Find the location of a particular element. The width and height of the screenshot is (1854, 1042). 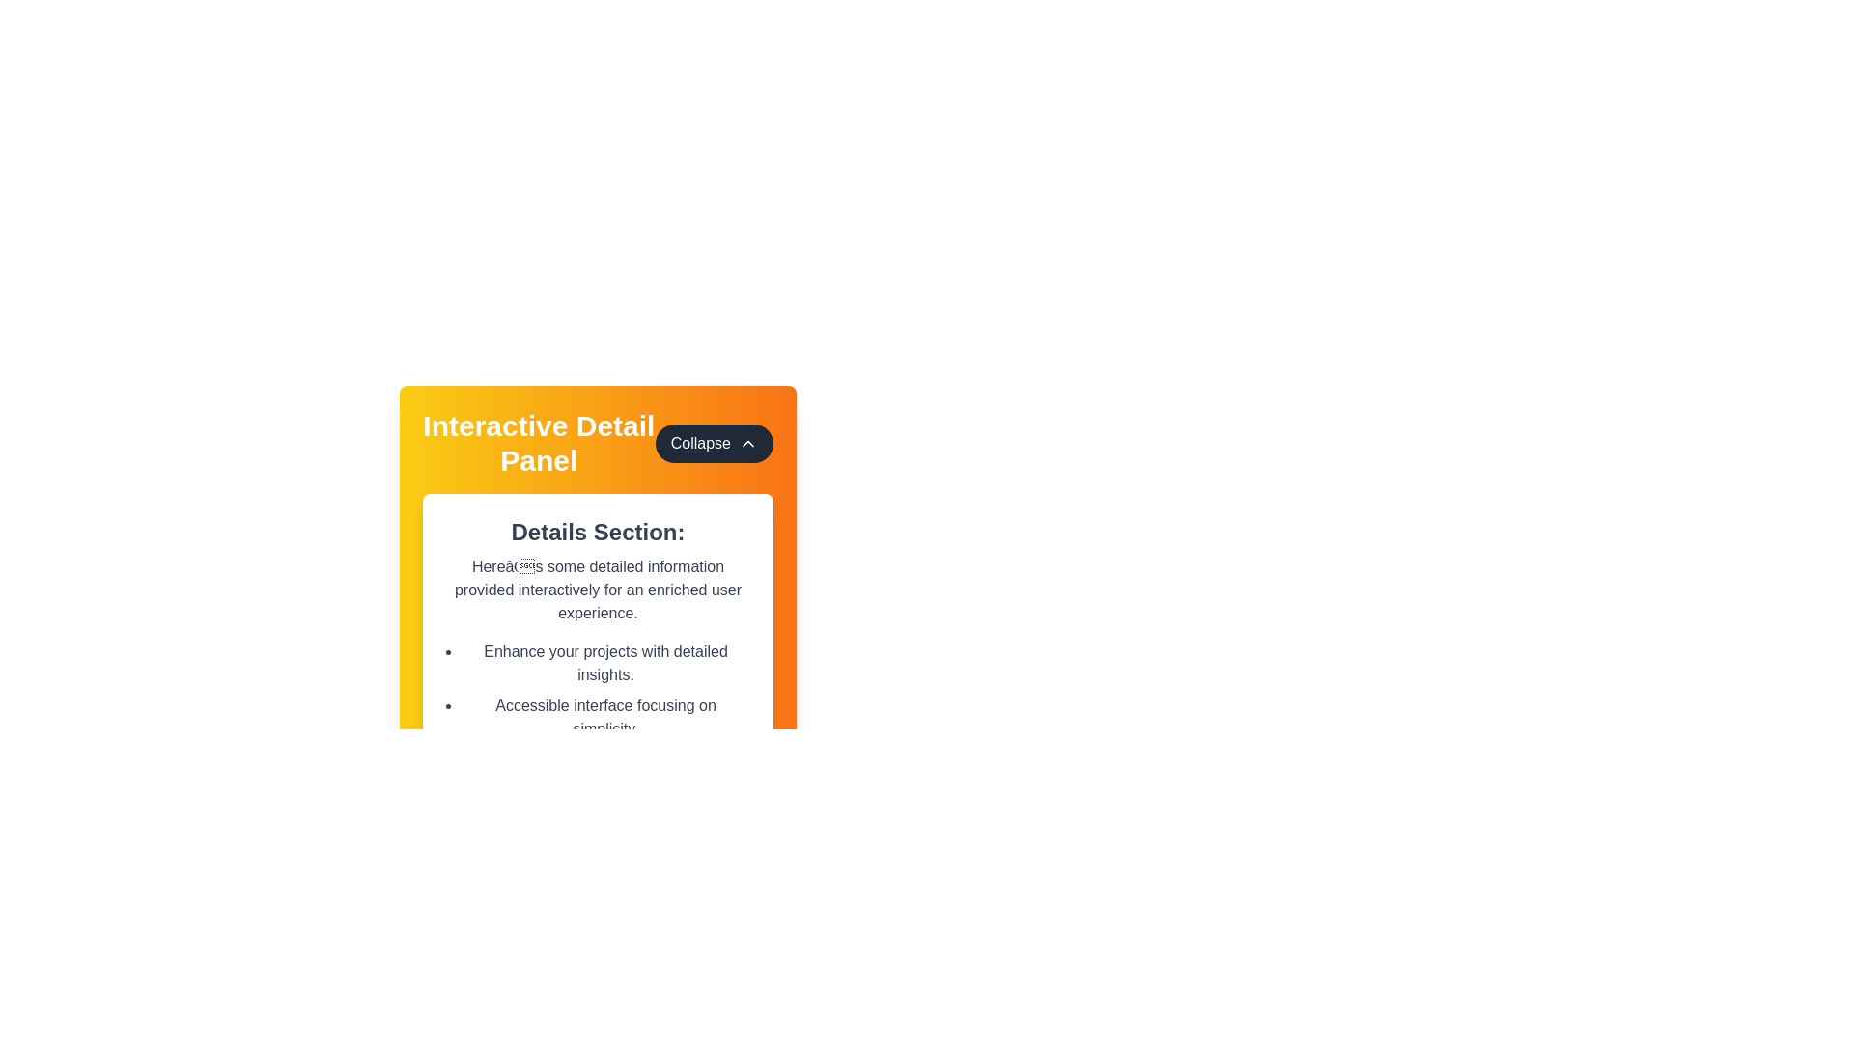

title 'Interactive Detail Panel' from the header section of the composite component, which has a gradient background transitioning from yellow to orange is located at coordinates (597, 443).